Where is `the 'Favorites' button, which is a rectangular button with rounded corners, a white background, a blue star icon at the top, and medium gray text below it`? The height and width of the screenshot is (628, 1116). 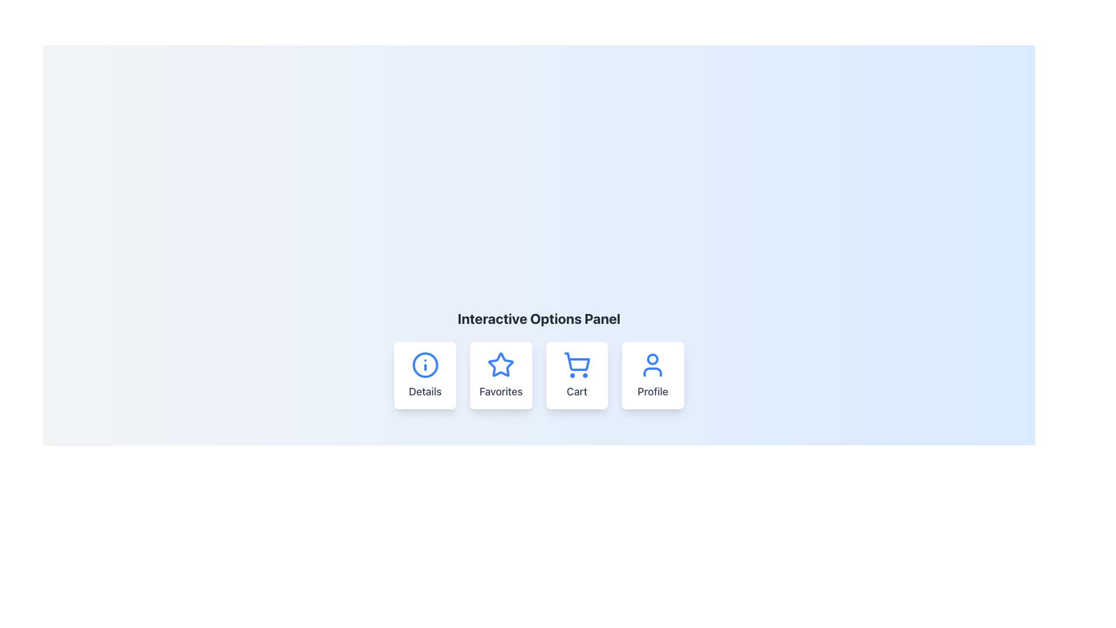 the 'Favorites' button, which is a rectangular button with rounded corners, a white background, a blue star icon at the top, and medium gray text below it is located at coordinates (501, 375).